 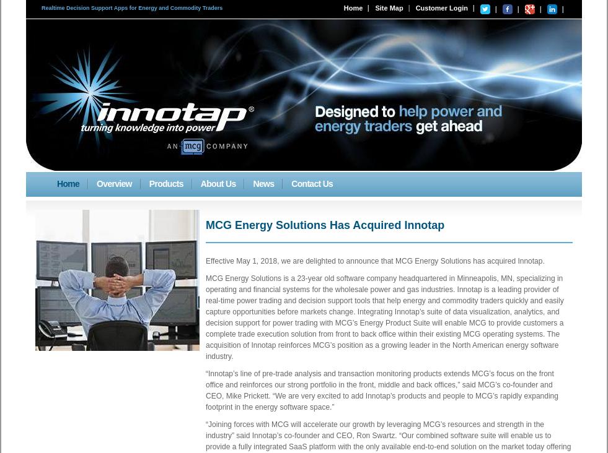 I want to click on 'MCG Energy Solutions Has Acquired Innotap', so click(x=325, y=225).